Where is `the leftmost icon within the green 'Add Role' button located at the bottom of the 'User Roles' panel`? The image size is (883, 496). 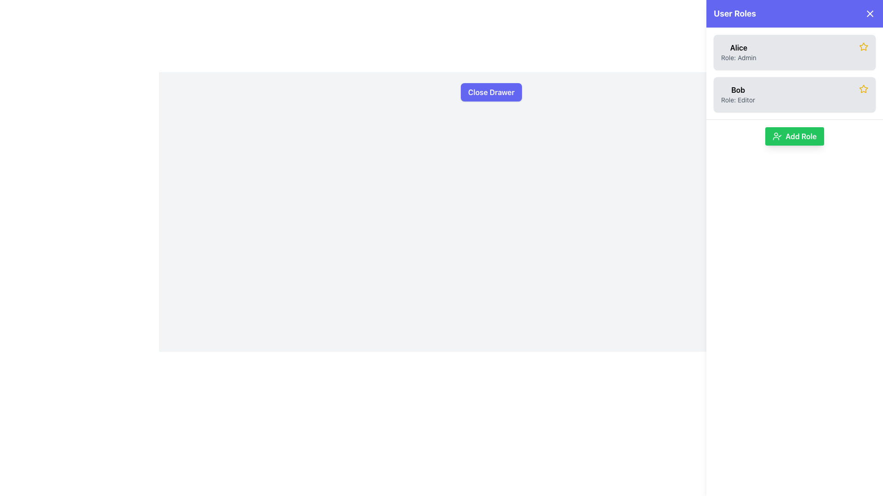 the leftmost icon within the green 'Add Role' button located at the bottom of the 'User Roles' panel is located at coordinates (776, 136).